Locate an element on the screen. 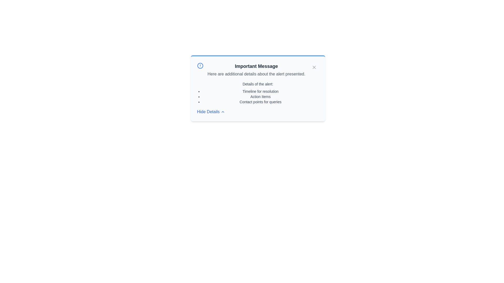 The height and width of the screenshot is (283, 504). the circular alert icon with a blue outline located at the top left corner of the alert dialog box, adjacent to the text 'Important Message' is located at coordinates (200, 65).